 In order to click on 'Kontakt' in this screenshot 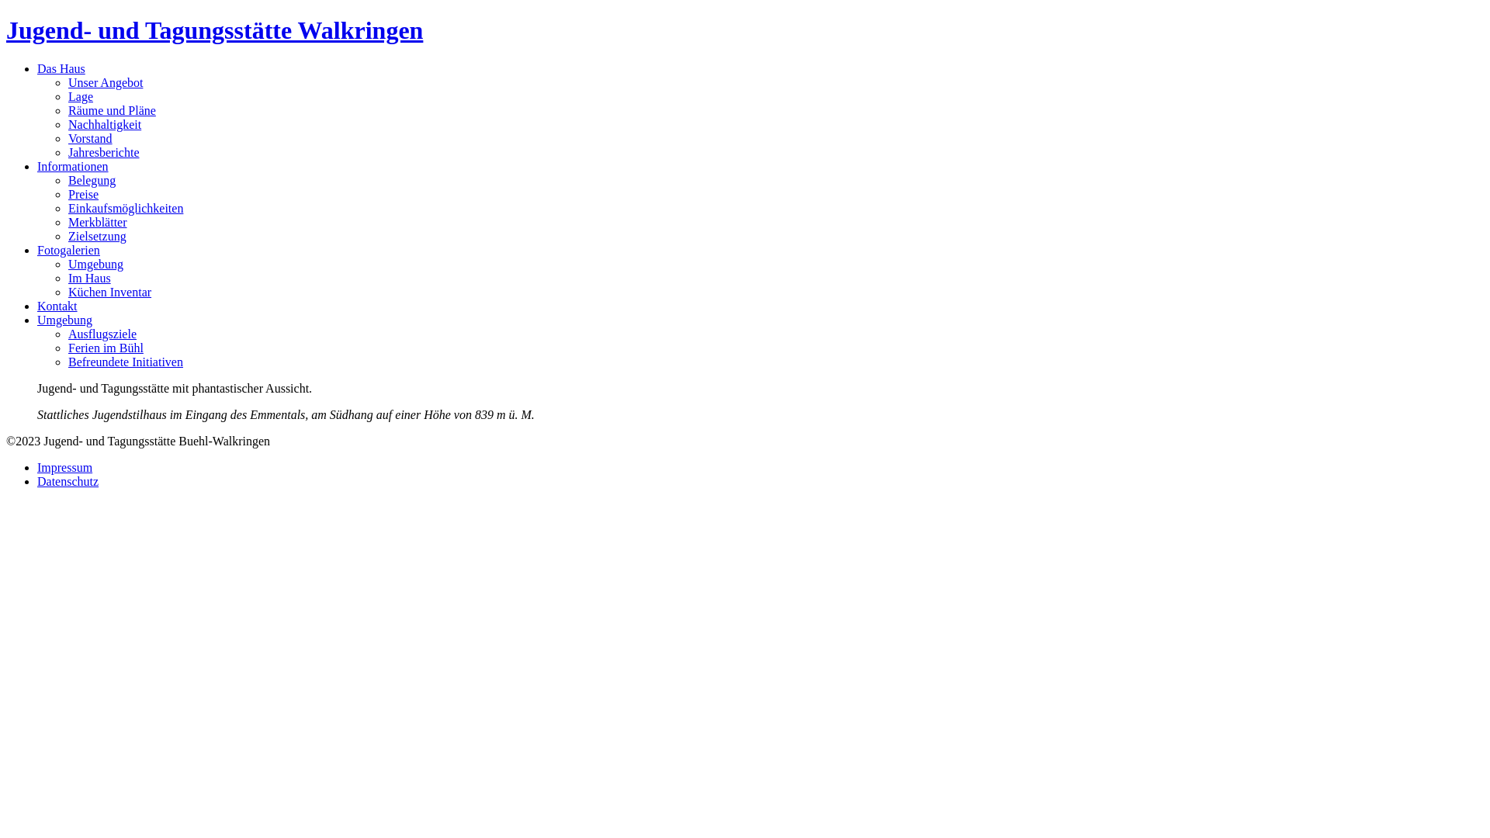, I will do `click(37, 306)`.